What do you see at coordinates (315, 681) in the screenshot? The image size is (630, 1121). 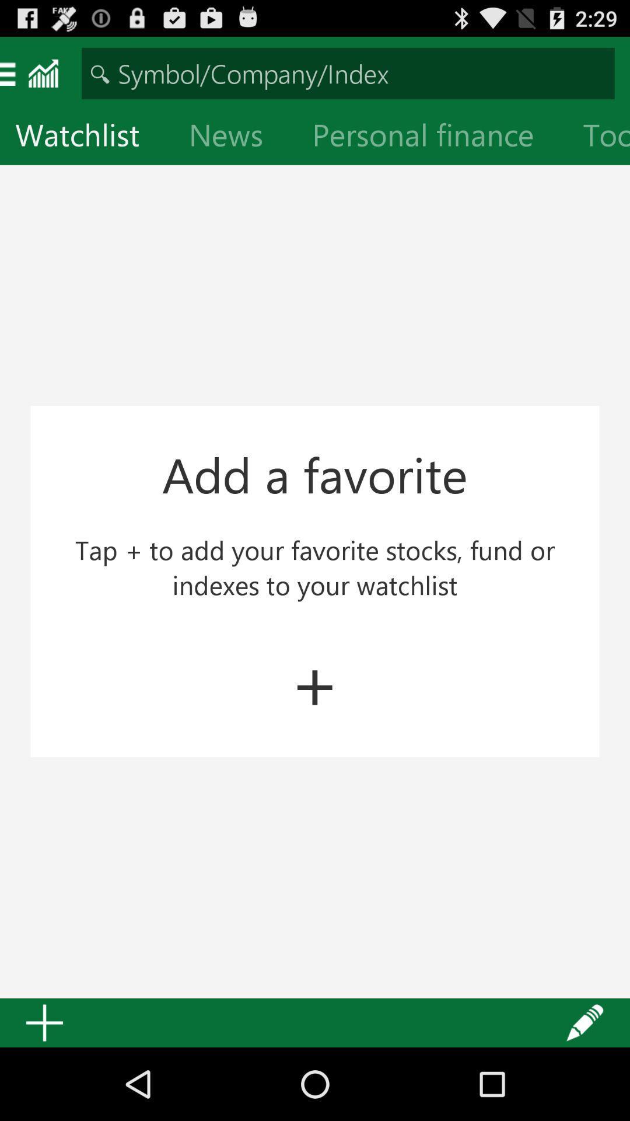 I see `icon below the tap to add item` at bounding box center [315, 681].